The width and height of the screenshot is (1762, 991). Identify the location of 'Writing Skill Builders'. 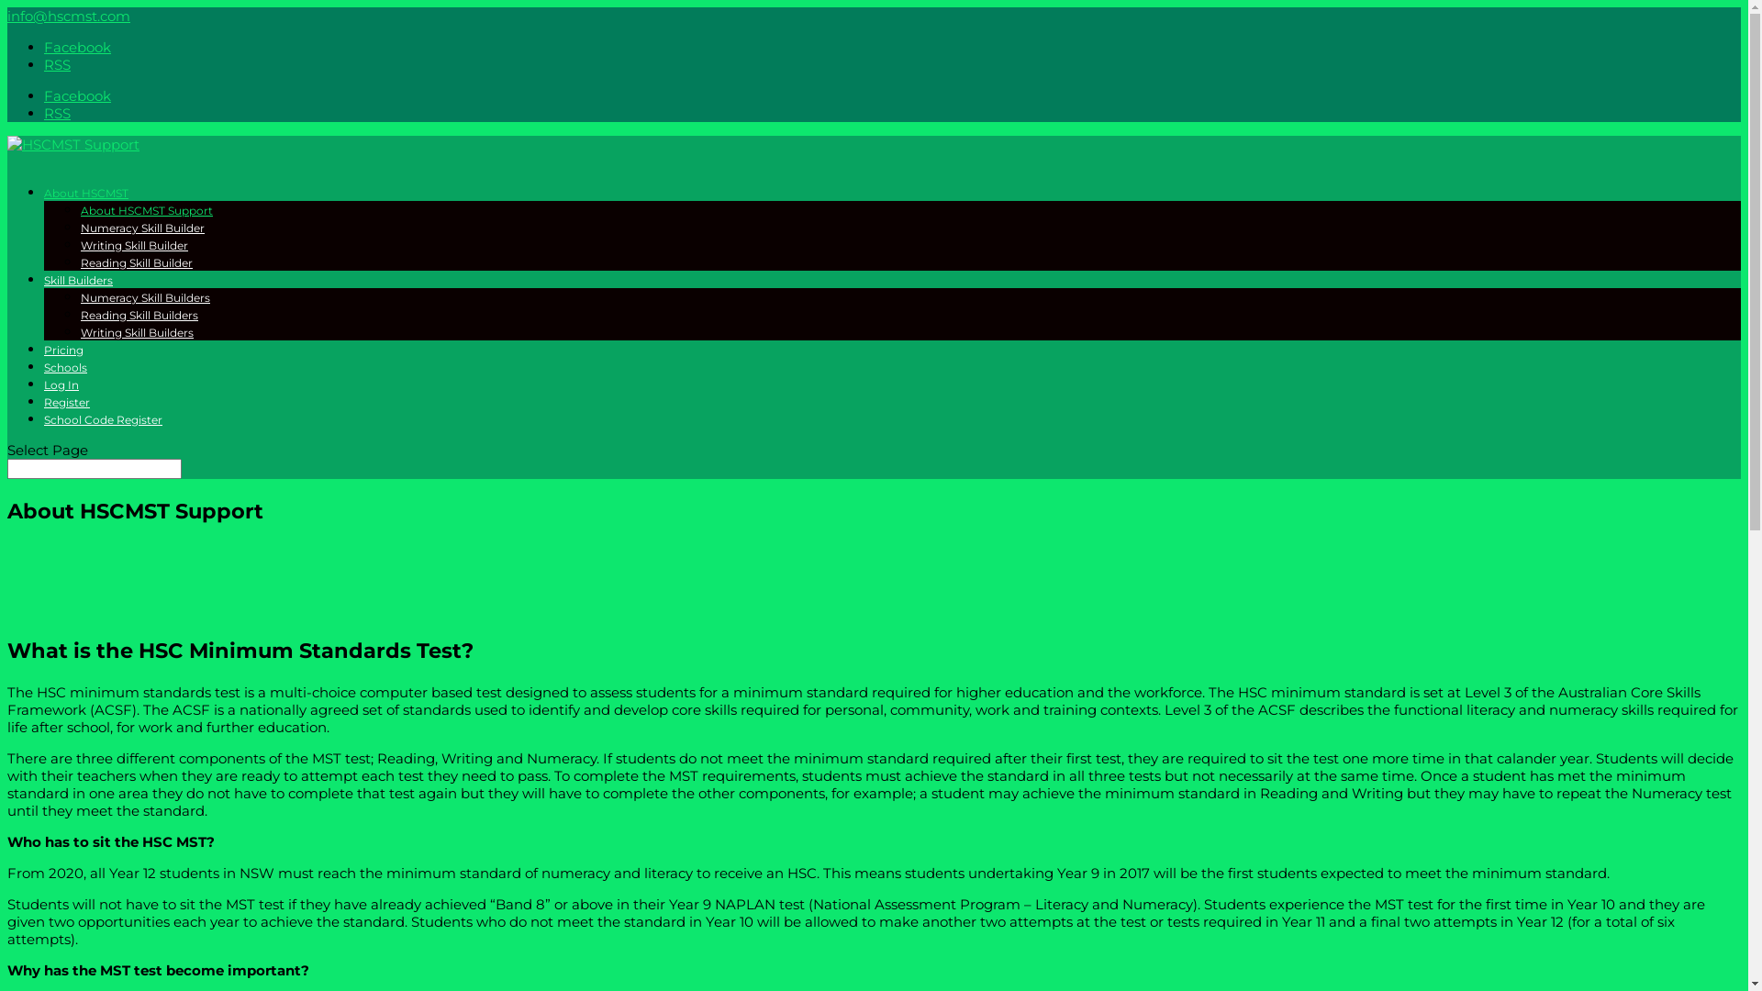
(136, 332).